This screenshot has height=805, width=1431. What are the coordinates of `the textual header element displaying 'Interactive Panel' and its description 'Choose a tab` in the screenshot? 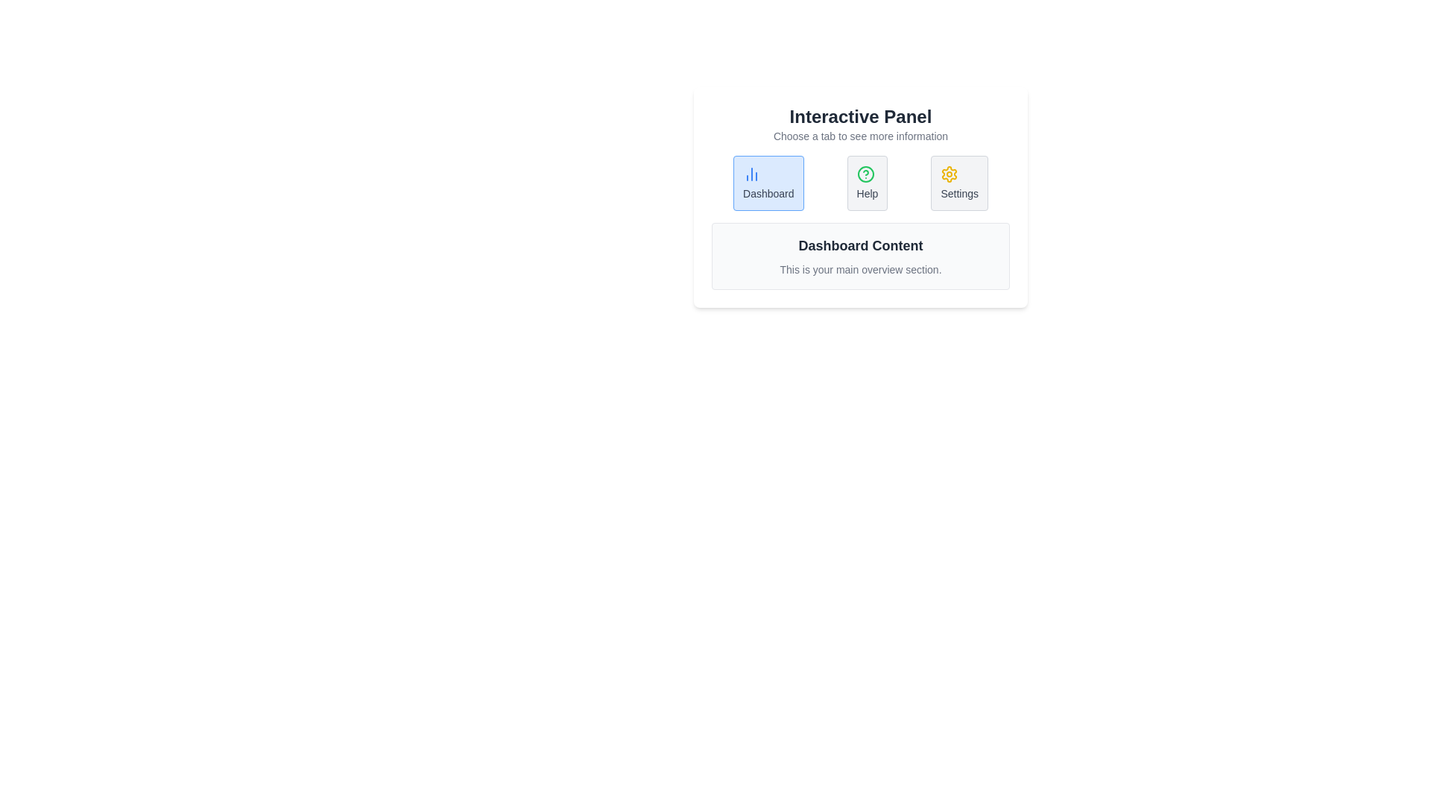 It's located at (861, 123).